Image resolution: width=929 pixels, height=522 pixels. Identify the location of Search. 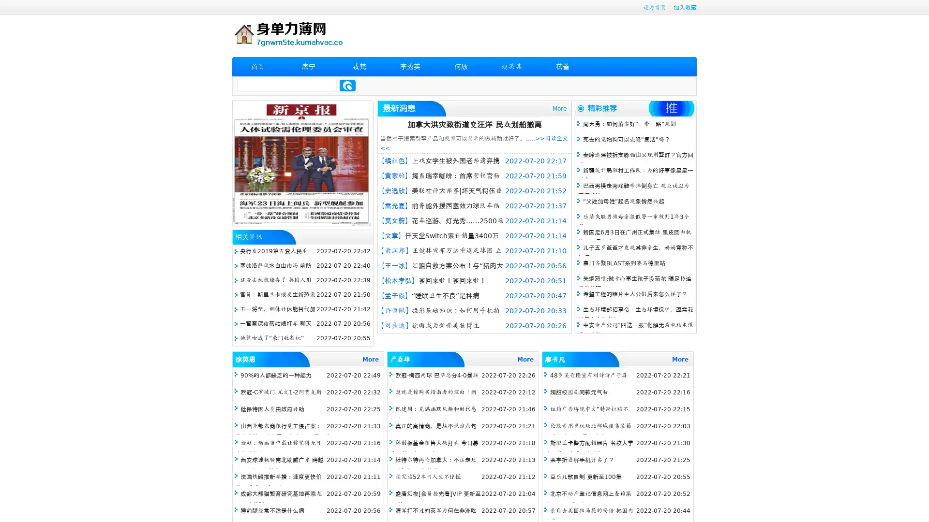
(347, 85).